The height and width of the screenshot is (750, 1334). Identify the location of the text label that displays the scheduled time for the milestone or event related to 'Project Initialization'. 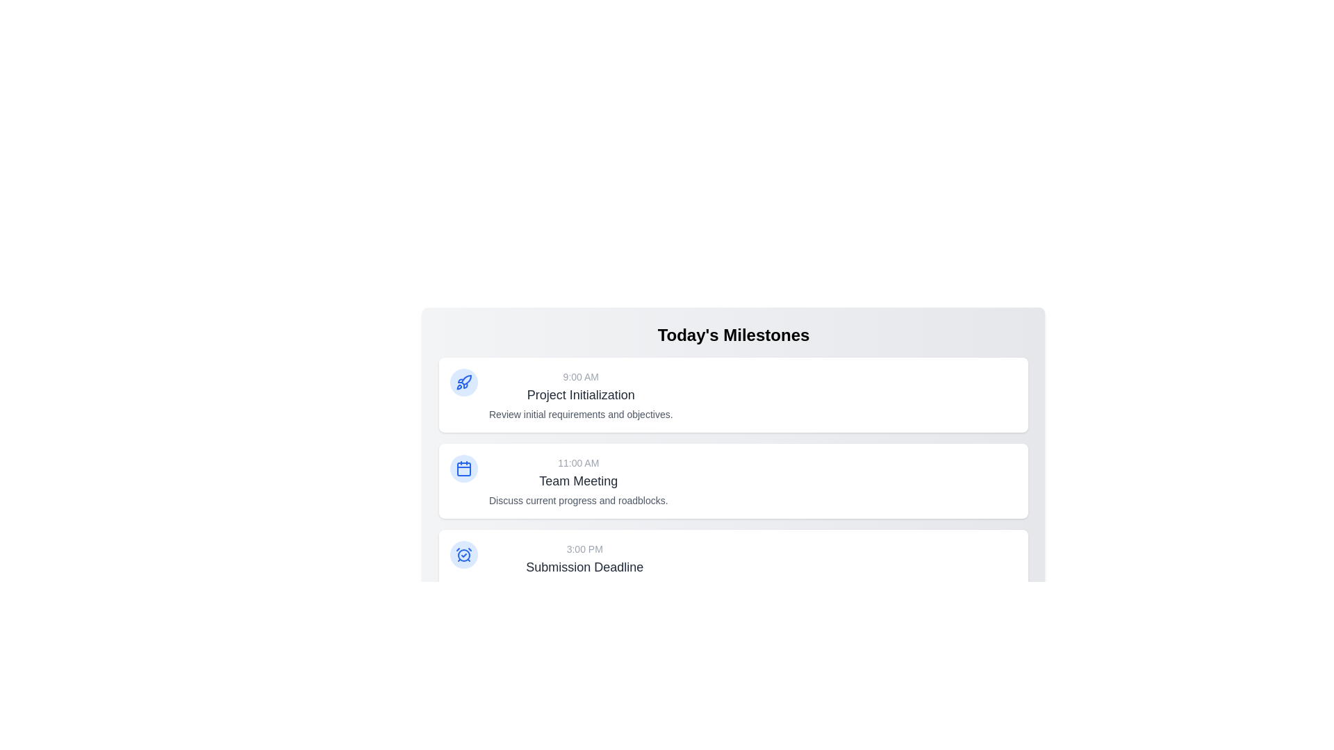
(581, 377).